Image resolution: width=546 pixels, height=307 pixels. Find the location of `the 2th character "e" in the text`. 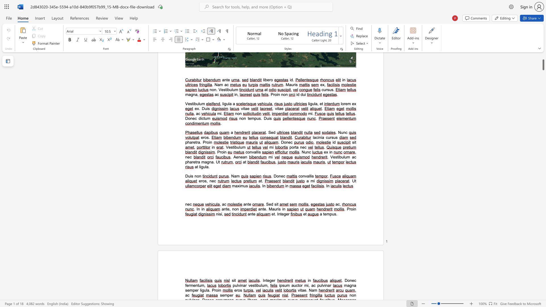

the 2th character "e" in the text is located at coordinates (272, 280).